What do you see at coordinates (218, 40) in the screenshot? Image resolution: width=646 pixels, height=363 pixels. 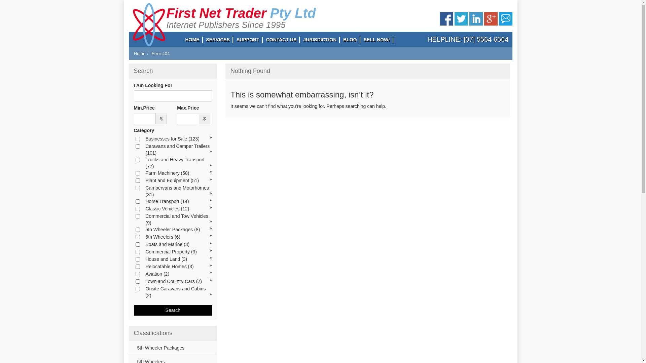 I see `'SERVICES'` at bounding box center [218, 40].